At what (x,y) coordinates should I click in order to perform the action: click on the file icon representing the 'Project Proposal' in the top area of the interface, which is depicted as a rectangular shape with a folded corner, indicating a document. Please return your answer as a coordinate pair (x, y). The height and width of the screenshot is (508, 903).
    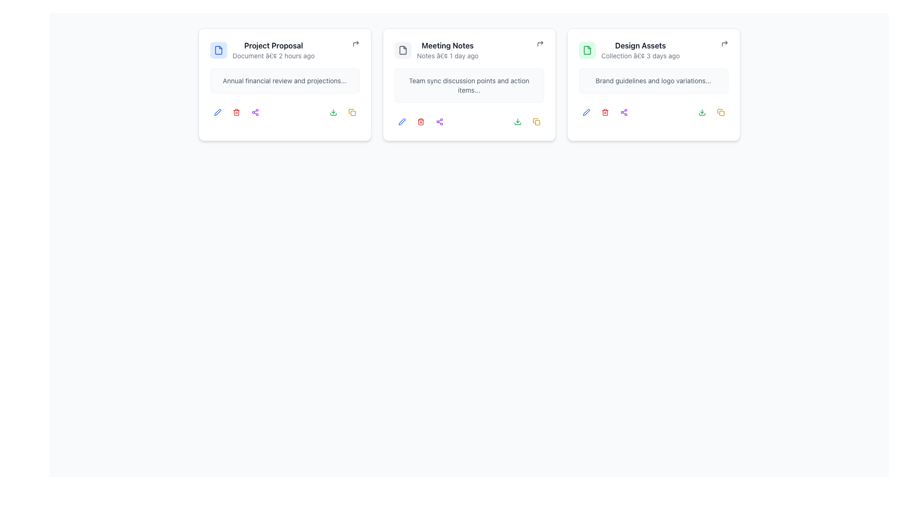
    Looking at the image, I should click on (218, 50).